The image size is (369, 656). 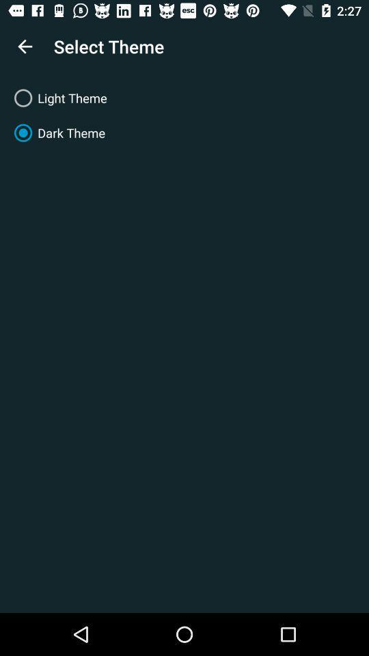 What do you see at coordinates (184, 133) in the screenshot?
I see `the icon below light theme item` at bounding box center [184, 133].